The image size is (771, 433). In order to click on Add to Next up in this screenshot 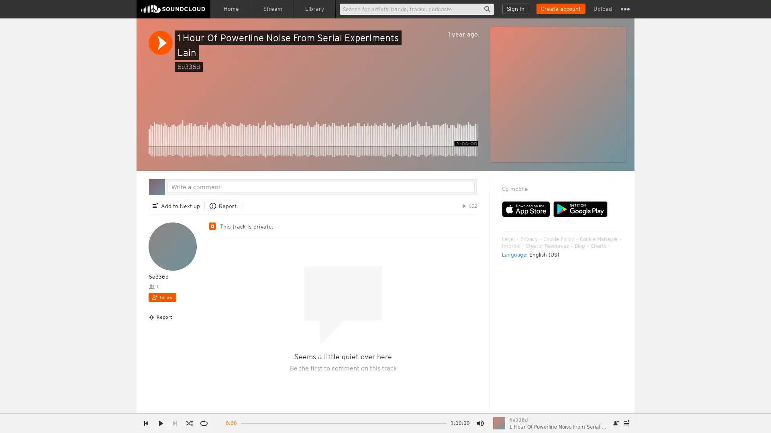, I will do `click(176, 205)`.